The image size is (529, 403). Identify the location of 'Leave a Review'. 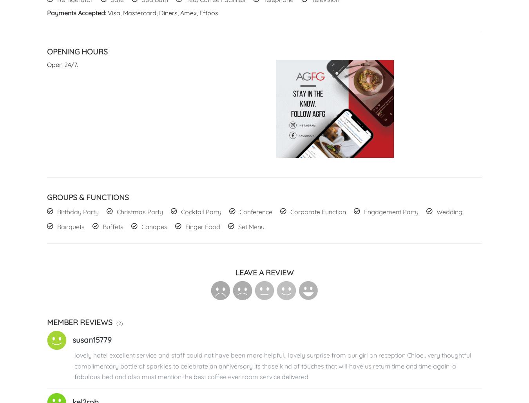
(264, 272).